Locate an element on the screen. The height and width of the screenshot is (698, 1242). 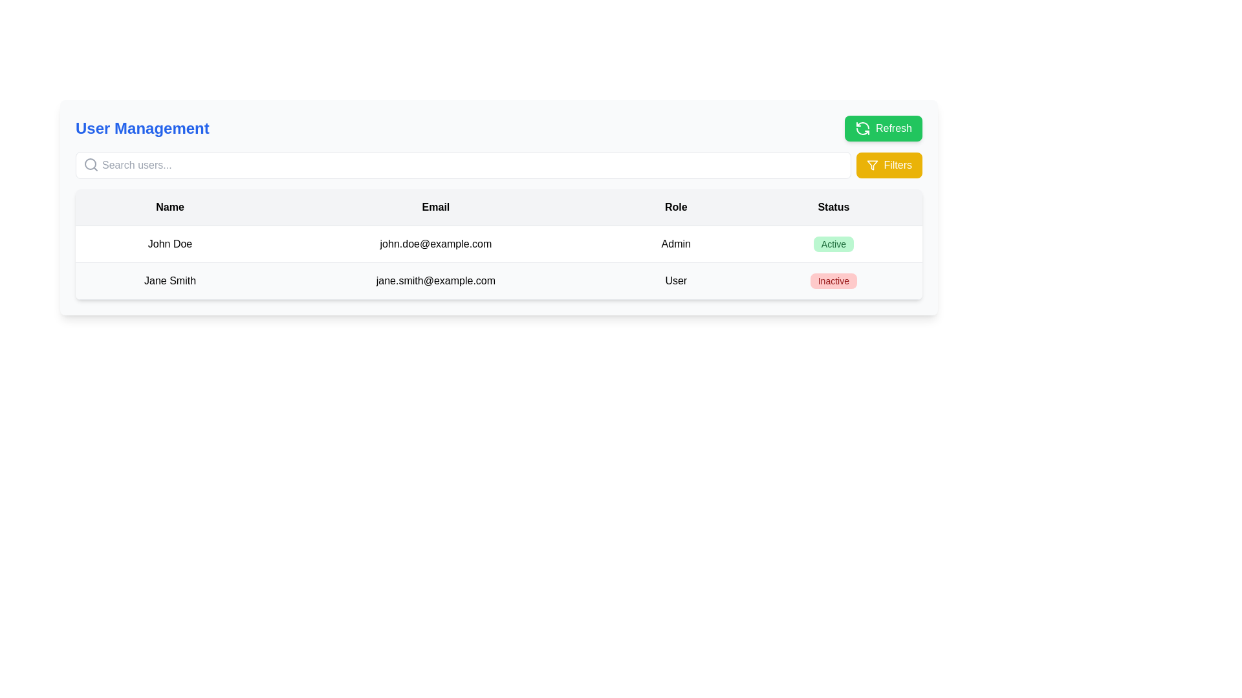
the 'Email' column header in the table, which is the second header in a row that includes 'Name', 'Email', 'Role', and 'Status' is located at coordinates (435, 207).